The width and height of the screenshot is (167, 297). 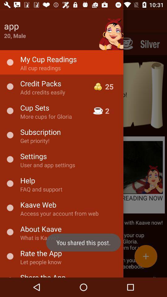 What do you see at coordinates (146, 256) in the screenshot?
I see `the add icon` at bounding box center [146, 256].